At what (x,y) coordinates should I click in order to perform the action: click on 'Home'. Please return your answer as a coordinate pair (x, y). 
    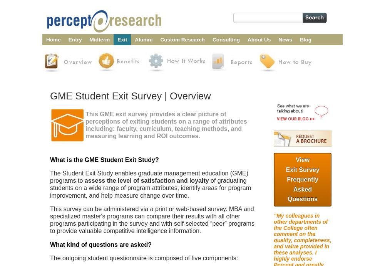
    Looking at the image, I should click on (53, 40).